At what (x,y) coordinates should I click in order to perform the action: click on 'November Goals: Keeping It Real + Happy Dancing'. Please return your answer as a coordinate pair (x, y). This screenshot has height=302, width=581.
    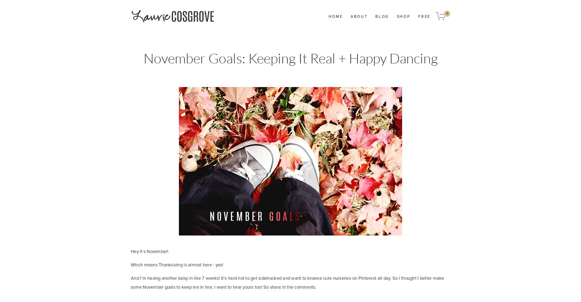
    Looking at the image, I should click on (290, 58).